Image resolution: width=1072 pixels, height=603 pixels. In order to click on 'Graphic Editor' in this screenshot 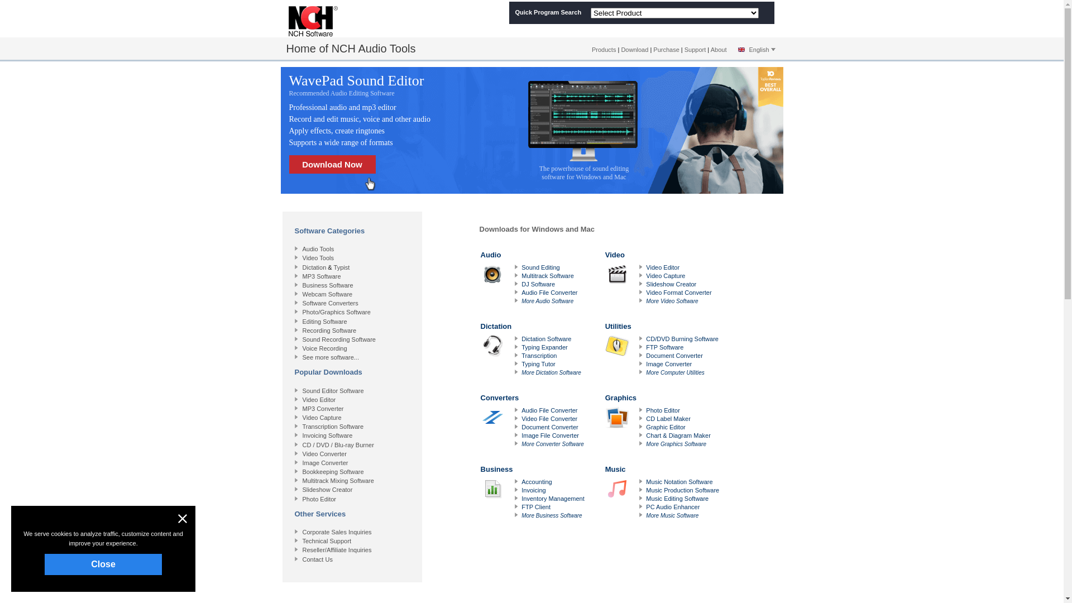, I will do `click(665, 427)`.